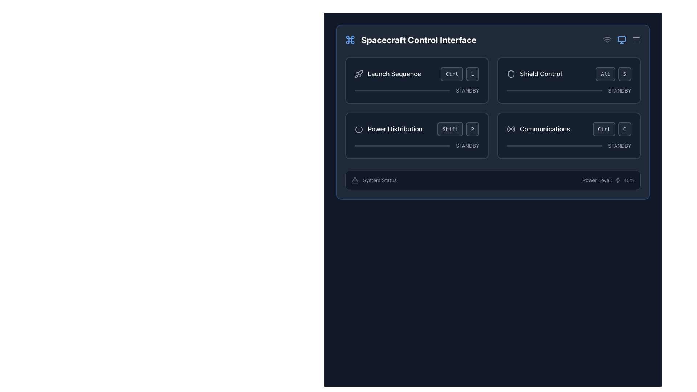 The image size is (697, 392). I want to click on the shield control, so click(519, 90).